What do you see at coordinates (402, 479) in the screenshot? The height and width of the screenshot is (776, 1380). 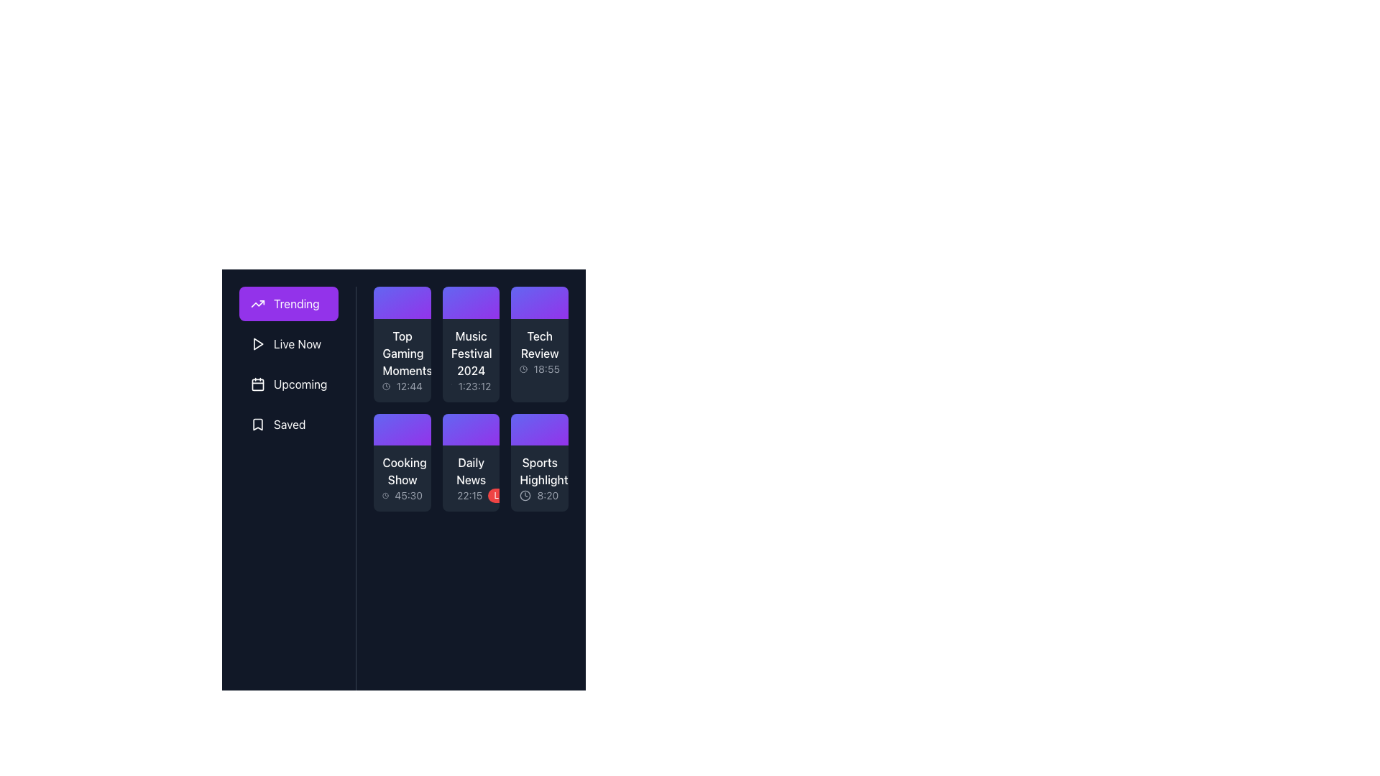 I see `the Preview card for the media content titled 'Cooking Show', which displays a duration of 45:30 and is located in the second row of the grid under 'Top Gaming Moments'` at bounding box center [402, 479].